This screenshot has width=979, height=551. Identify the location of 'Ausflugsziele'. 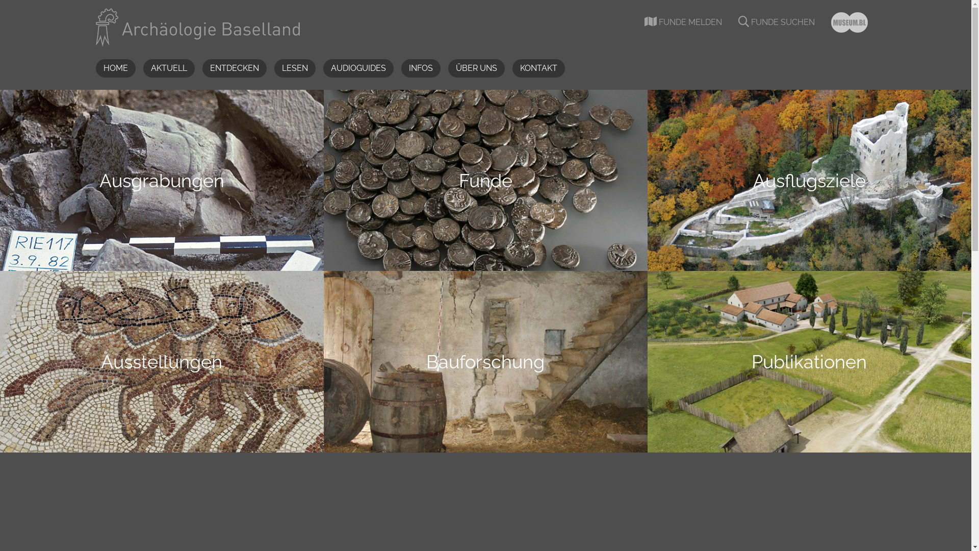
(809, 180).